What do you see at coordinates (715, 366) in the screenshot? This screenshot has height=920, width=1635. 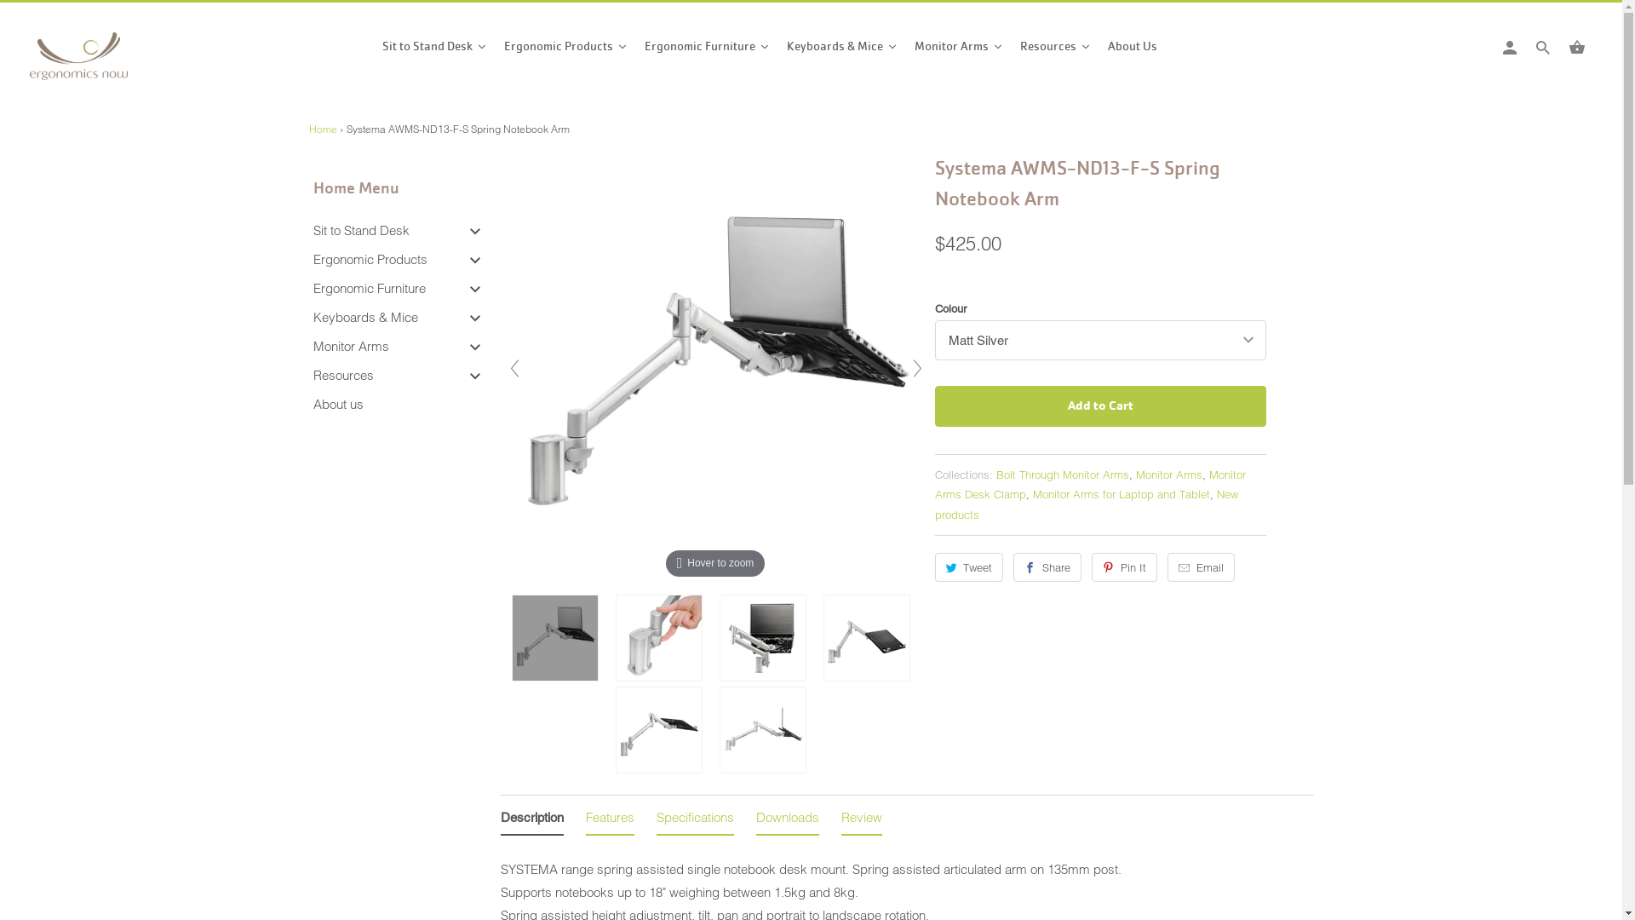 I see `'Hover to zoom'` at bounding box center [715, 366].